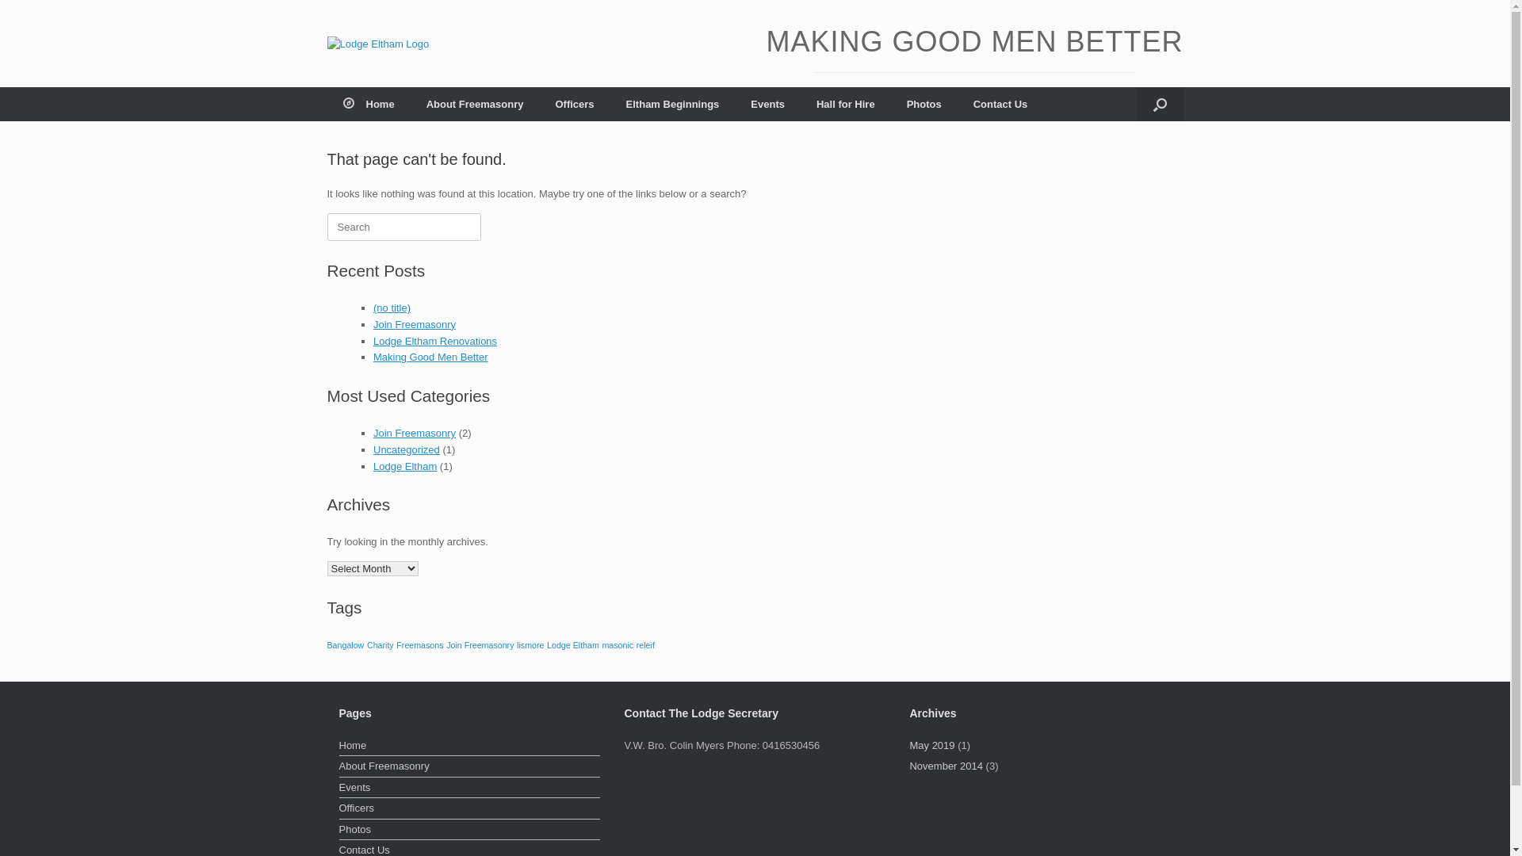 This screenshot has width=1522, height=856. I want to click on 'Lodge Eltham', so click(404, 465).